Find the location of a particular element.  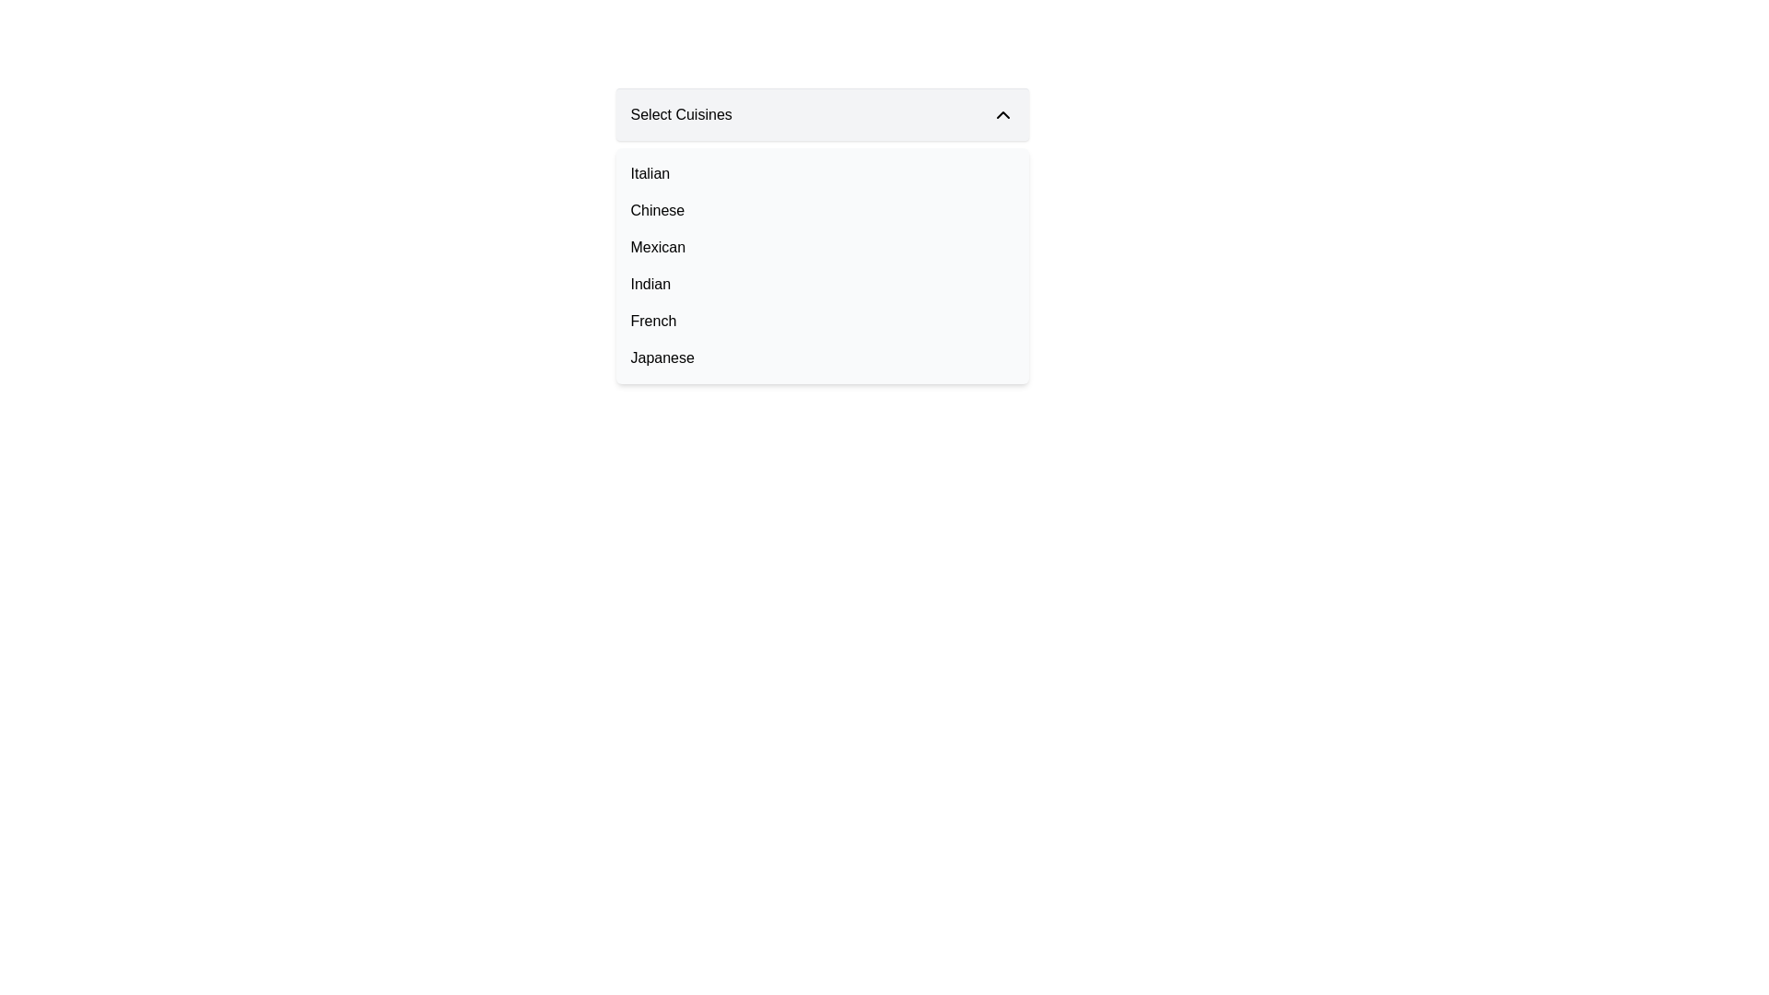

the selectable option labeled 'Indian' in the dropdown menu, which is the fourth item in the list, located between 'Mexican' and 'French' is located at coordinates (821, 284).